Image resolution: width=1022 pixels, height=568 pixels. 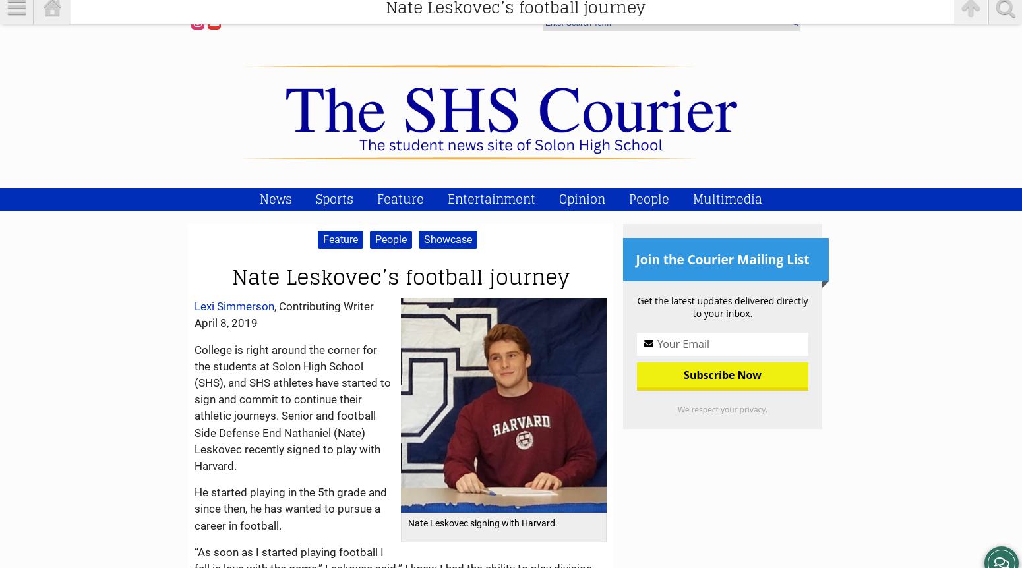 I want to click on 'Nate Leskovec’s football journey', so click(x=400, y=275).